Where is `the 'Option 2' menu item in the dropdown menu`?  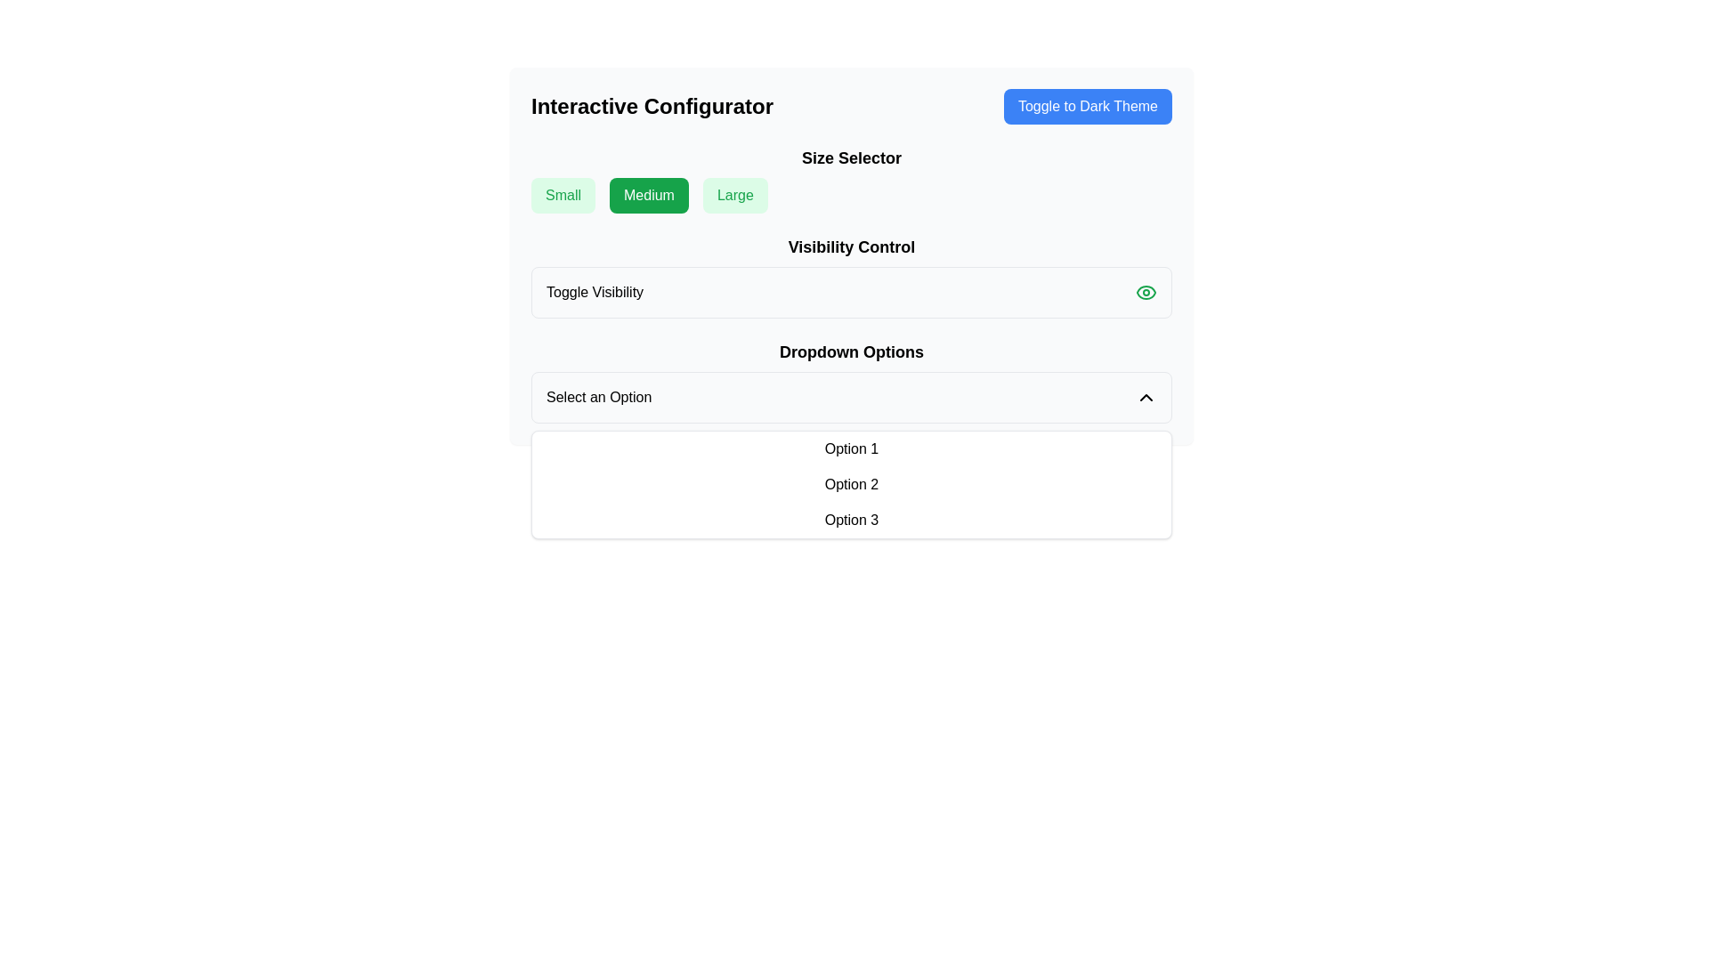 the 'Option 2' menu item in the dropdown menu is located at coordinates (850, 484).